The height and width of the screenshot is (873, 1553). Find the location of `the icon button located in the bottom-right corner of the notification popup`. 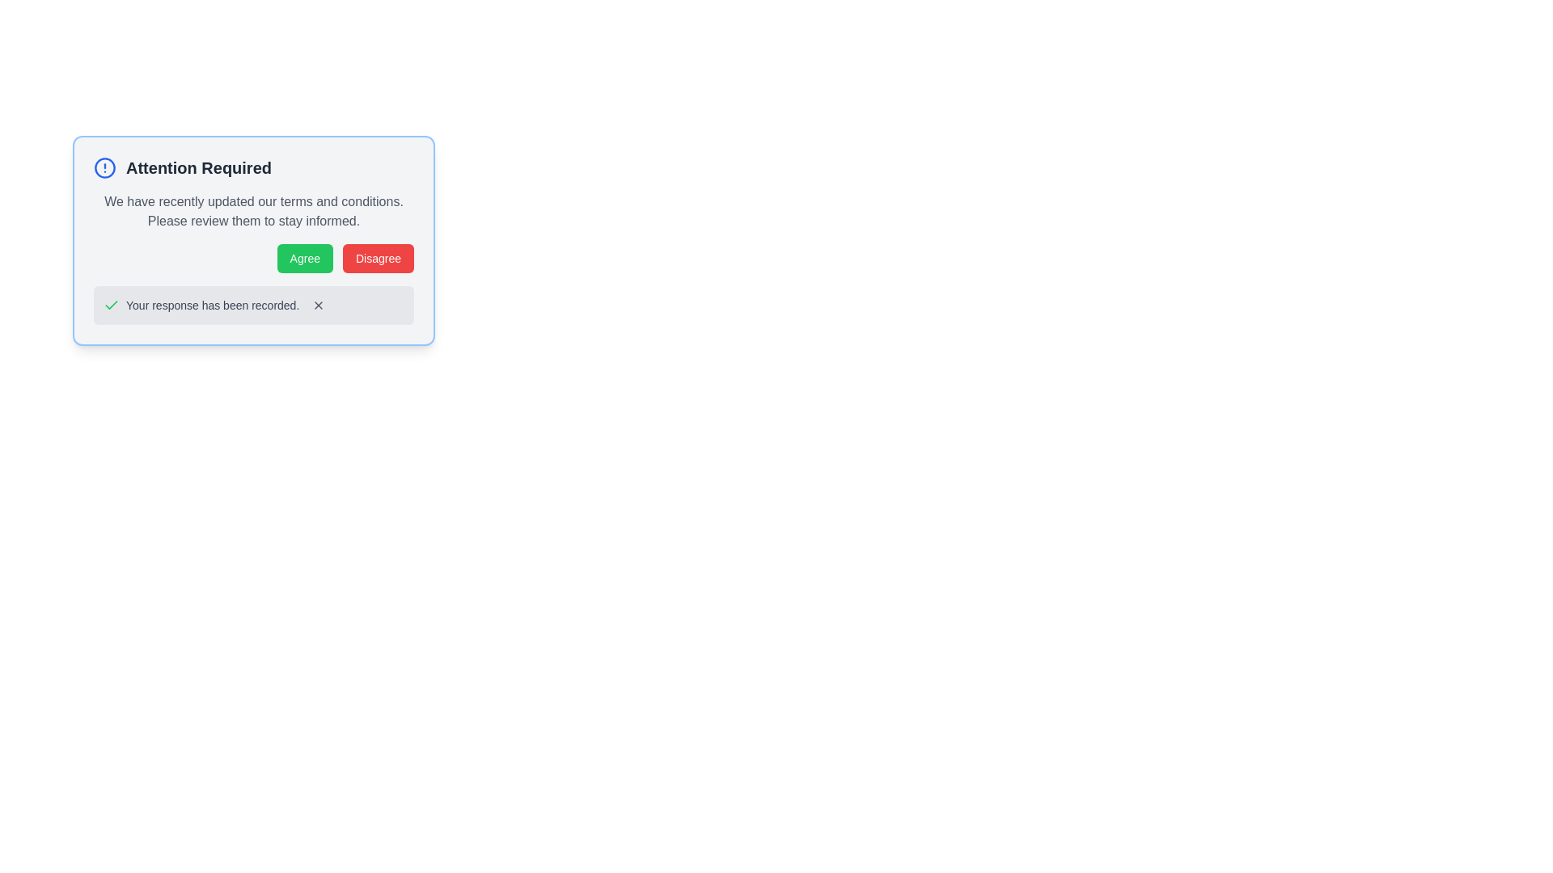

the icon button located in the bottom-right corner of the notification popup is located at coordinates (319, 306).